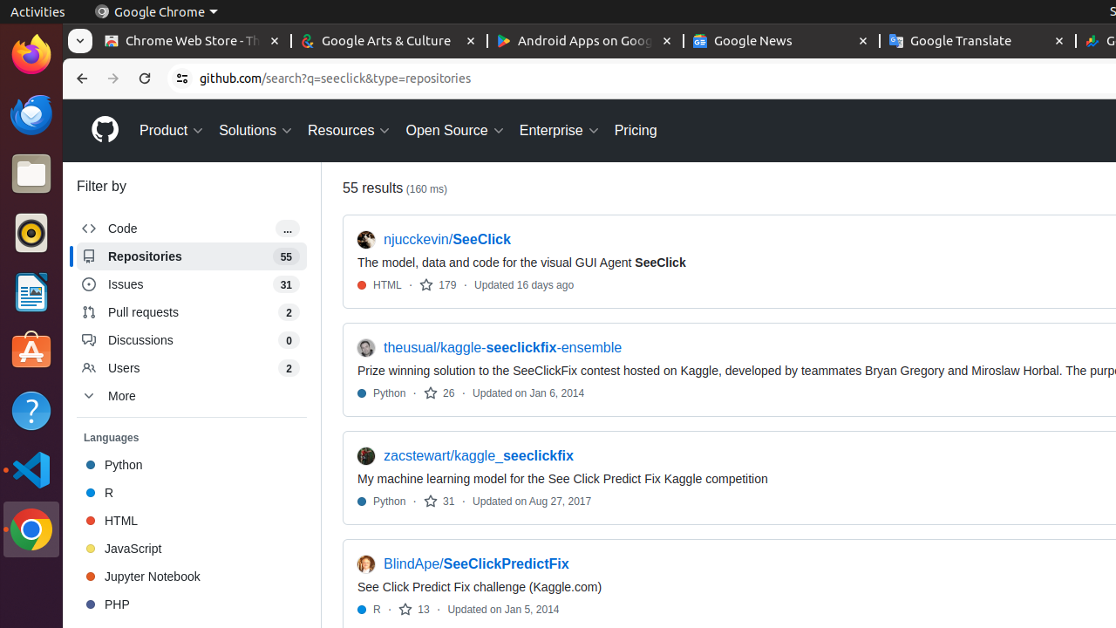 The width and height of the screenshot is (1116, 628). What do you see at coordinates (31, 53) in the screenshot?
I see `'Firefox Web Browser'` at bounding box center [31, 53].